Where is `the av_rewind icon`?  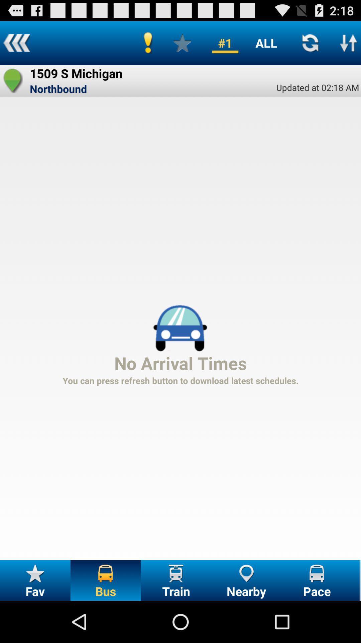 the av_rewind icon is located at coordinates (16, 46).